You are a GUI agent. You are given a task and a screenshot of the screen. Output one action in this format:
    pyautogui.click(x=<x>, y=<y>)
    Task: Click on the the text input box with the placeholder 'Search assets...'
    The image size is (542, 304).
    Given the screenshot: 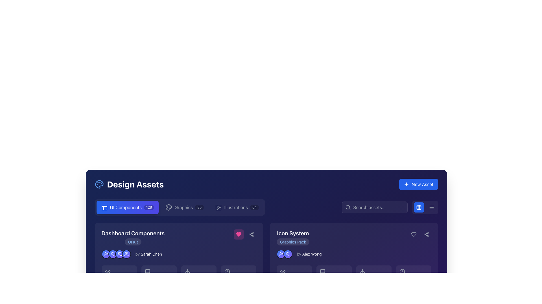 What is the action you would take?
    pyautogui.click(x=374, y=207)
    